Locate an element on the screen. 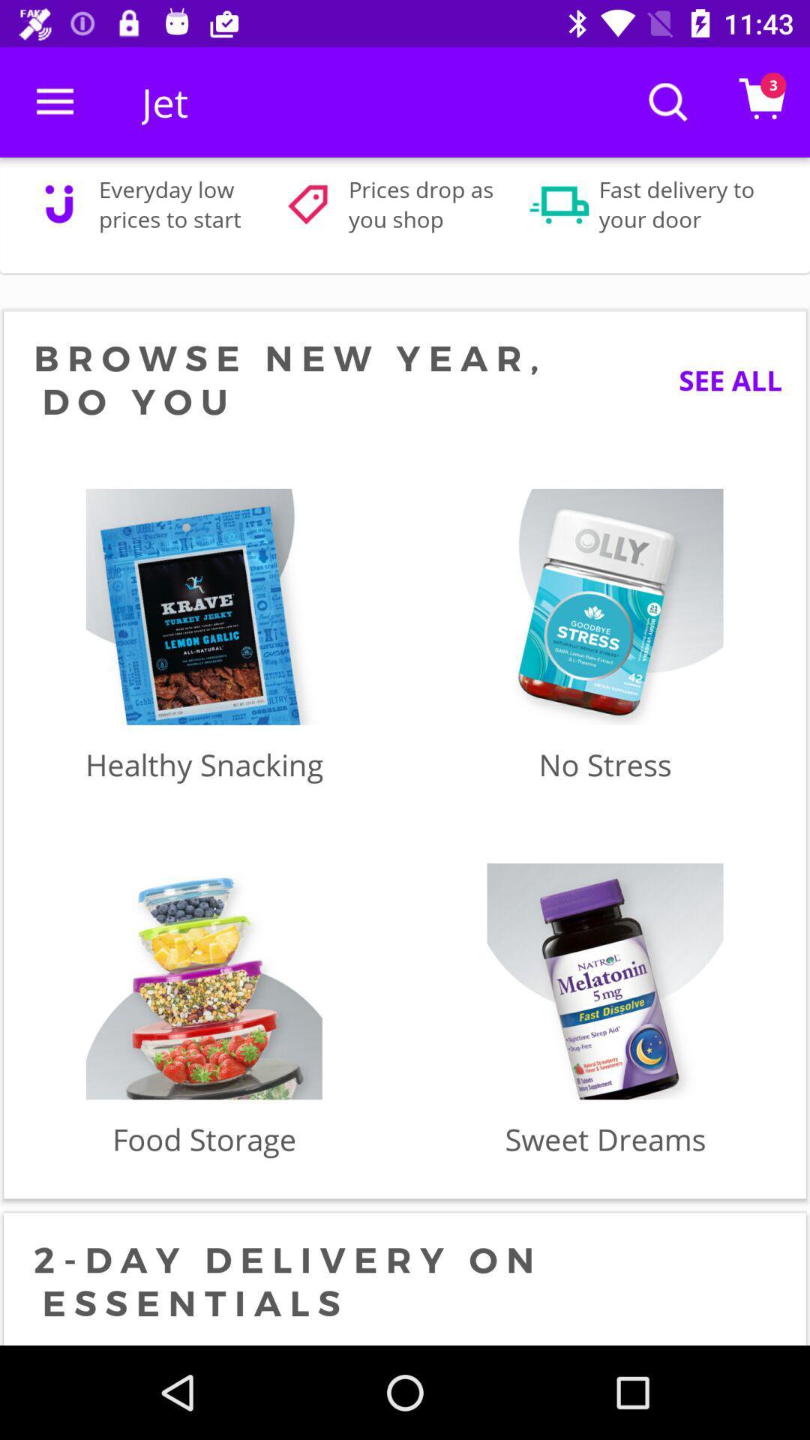 Image resolution: width=810 pixels, height=1440 pixels. see all is located at coordinates (718, 380).